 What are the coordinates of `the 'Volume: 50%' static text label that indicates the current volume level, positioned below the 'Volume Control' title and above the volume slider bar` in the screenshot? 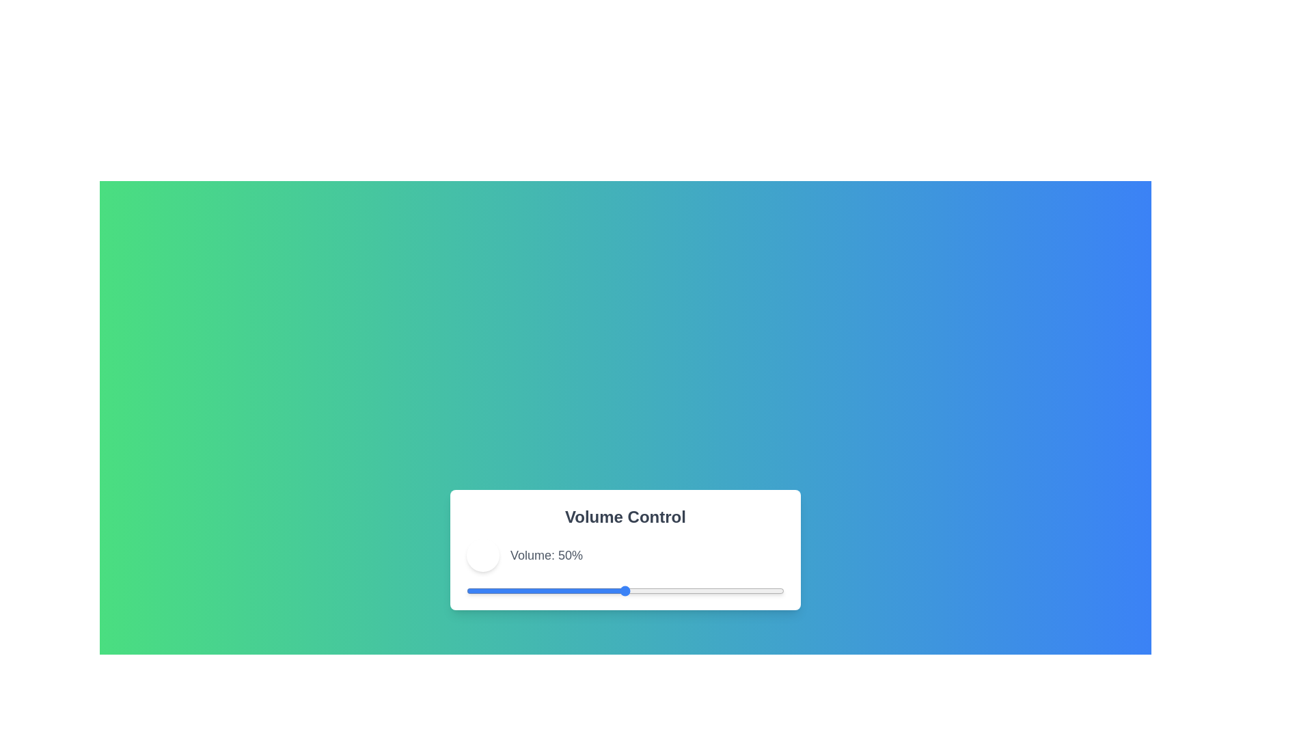 It's located at (625, 556).